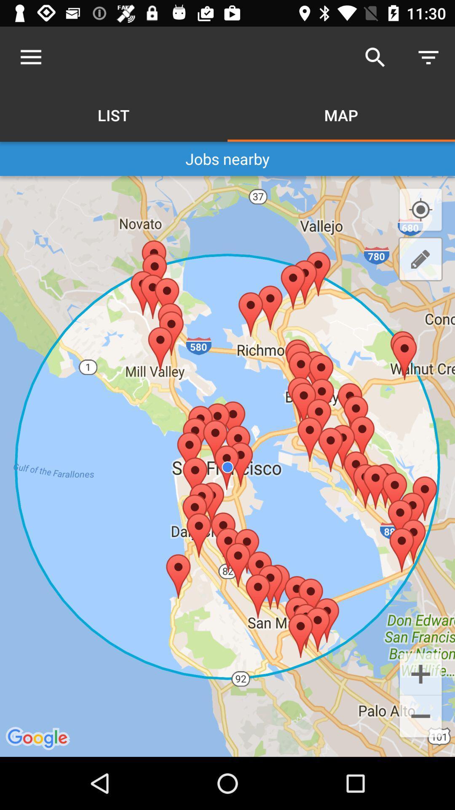 The height and width of the screenshot is (810, 455). I want to click on the icon above the jobs nearby icon, so click(428, 57).